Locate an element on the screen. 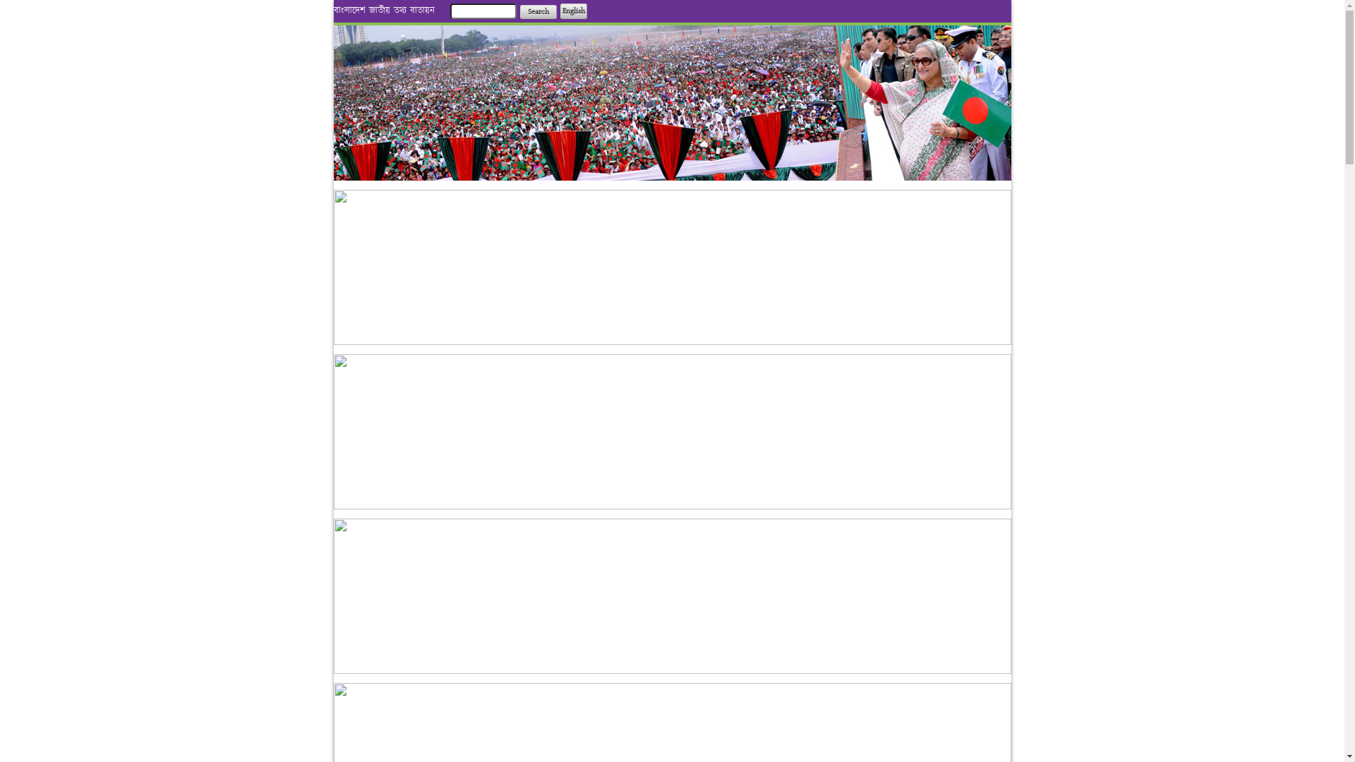  'English' is located at coordinates (573, 11).